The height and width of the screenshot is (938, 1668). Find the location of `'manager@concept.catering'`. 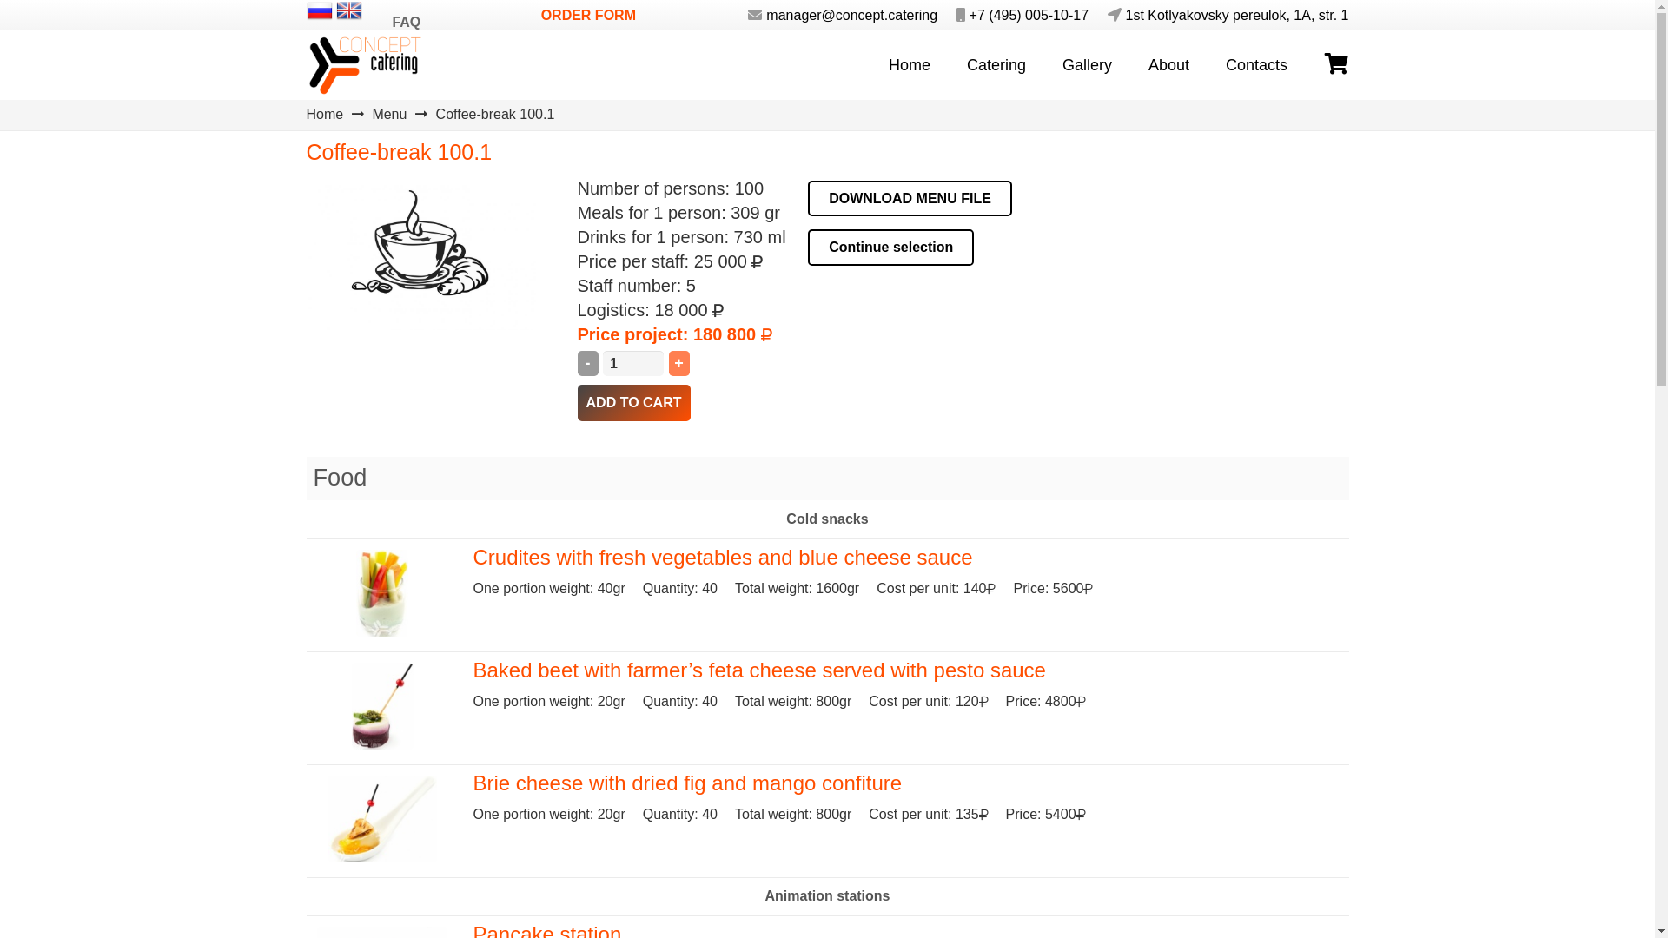

'manager@concept.catering' is located at coordinates (835, 14).